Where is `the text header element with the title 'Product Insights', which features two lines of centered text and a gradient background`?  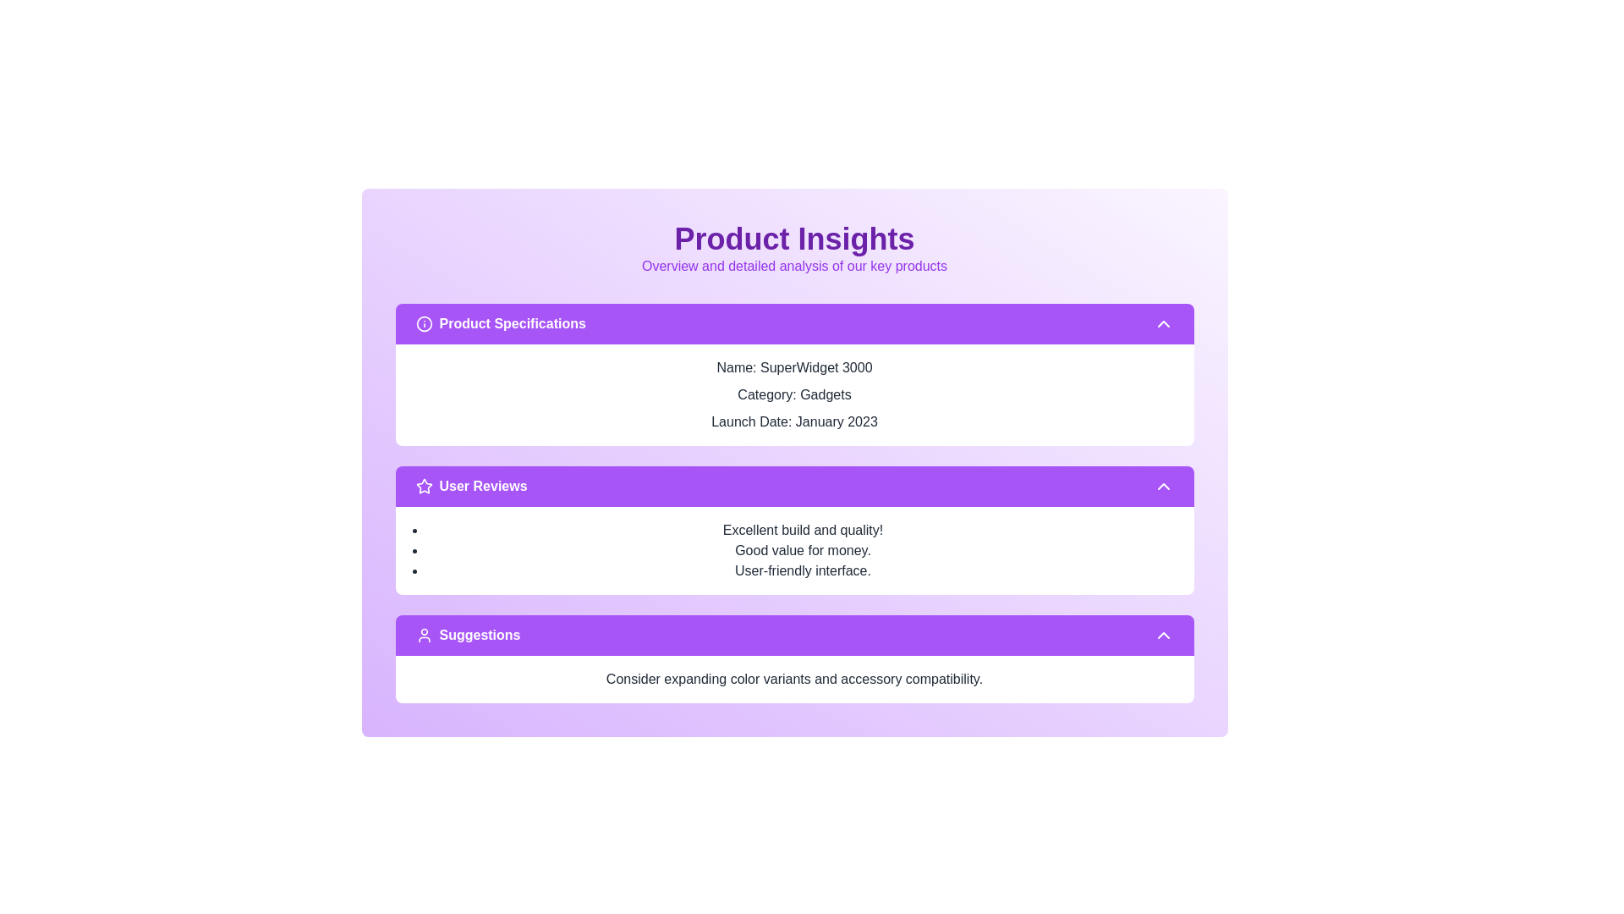
the text header element with the title 'Product Insights', which features two lines of centered text and a gradient background is located at coordinates (793, 249).